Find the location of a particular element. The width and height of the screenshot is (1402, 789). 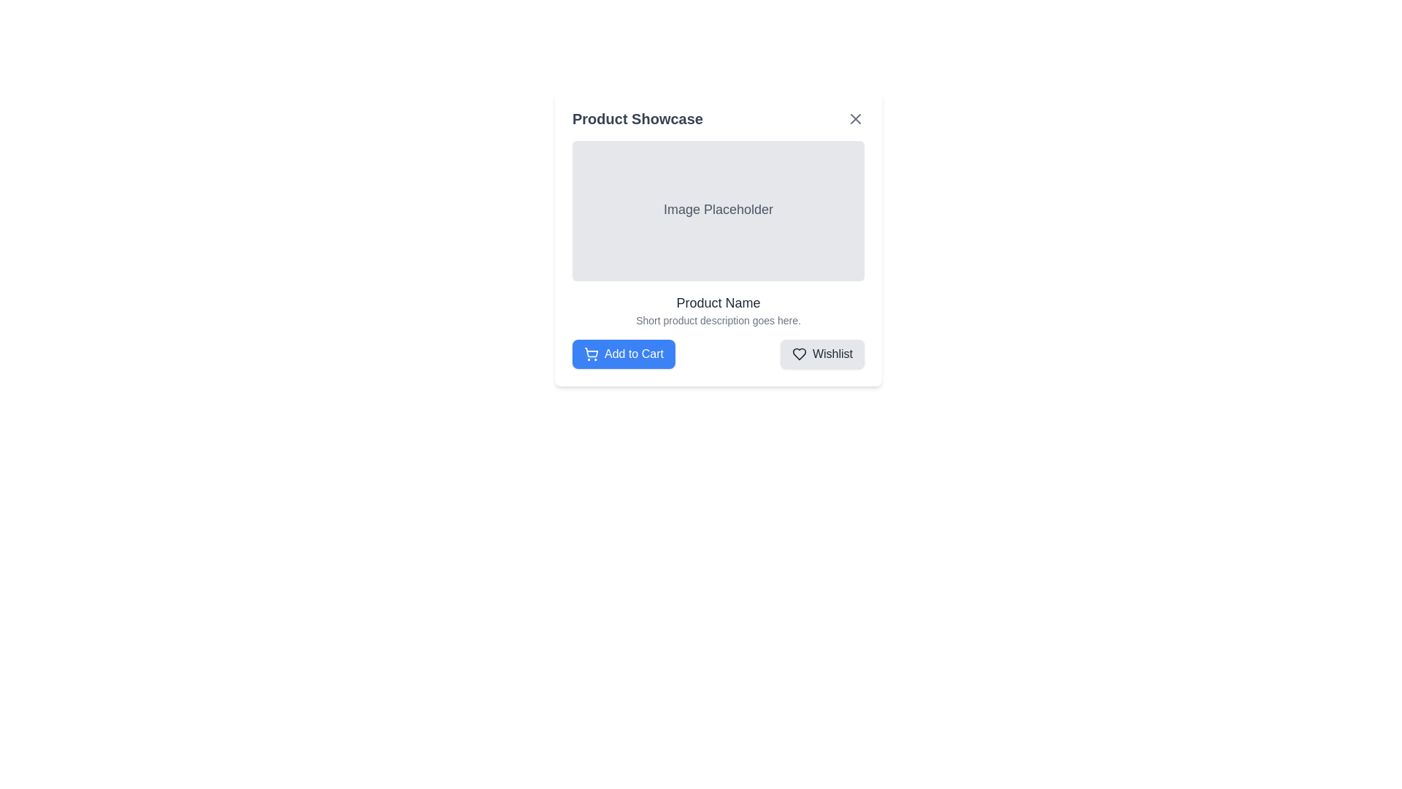

text label displaying 'Product Name' in bold, dark gray color, located at the top center of the product information card is located at coordinates (718, 302).